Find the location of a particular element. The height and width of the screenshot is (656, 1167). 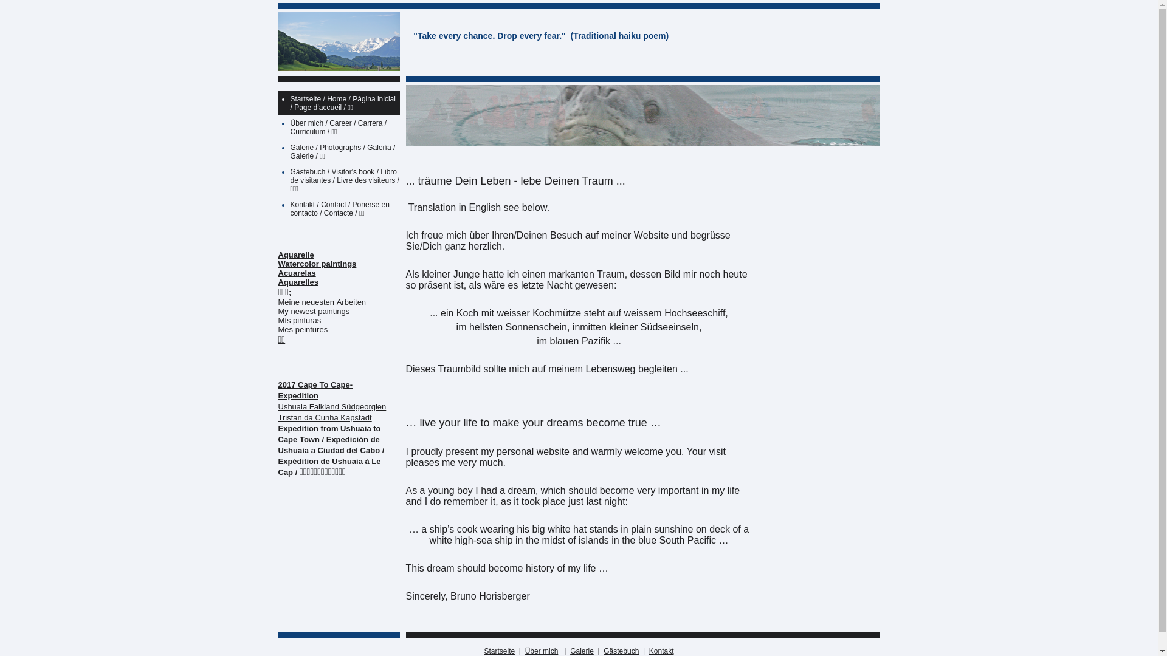

'Acuarelas' is located at coordinates (277, 272).